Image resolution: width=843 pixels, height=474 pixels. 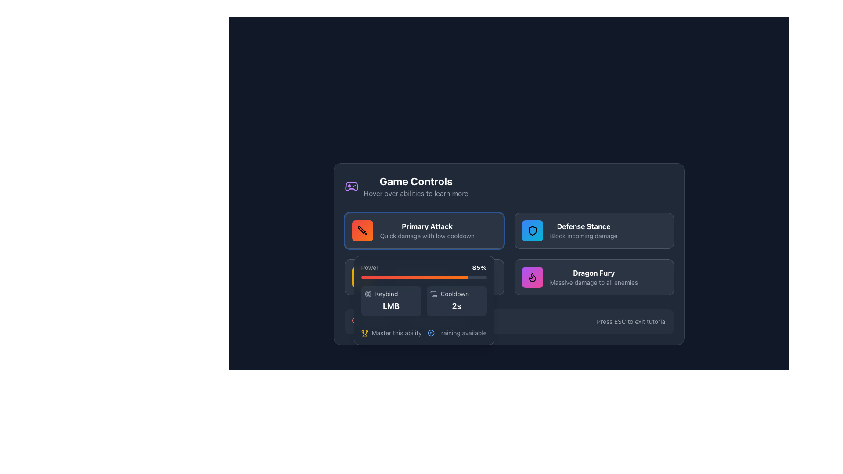 I want to click on the lightning bolt icon located in the lower-left part of the 'Primary Attack' section, immediately to the left of the 'Power 85%' progress bar, so click(x=362, y=277).